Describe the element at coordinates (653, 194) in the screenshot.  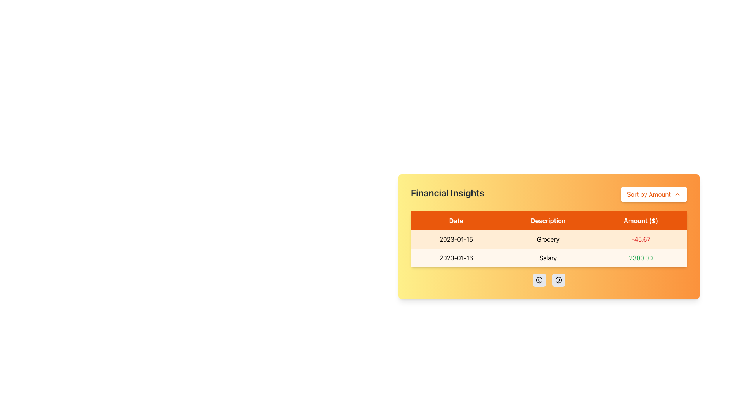
I see `the sorting button located to the right of the 'Financial Insights' title to sort items by the amount column` at that location.